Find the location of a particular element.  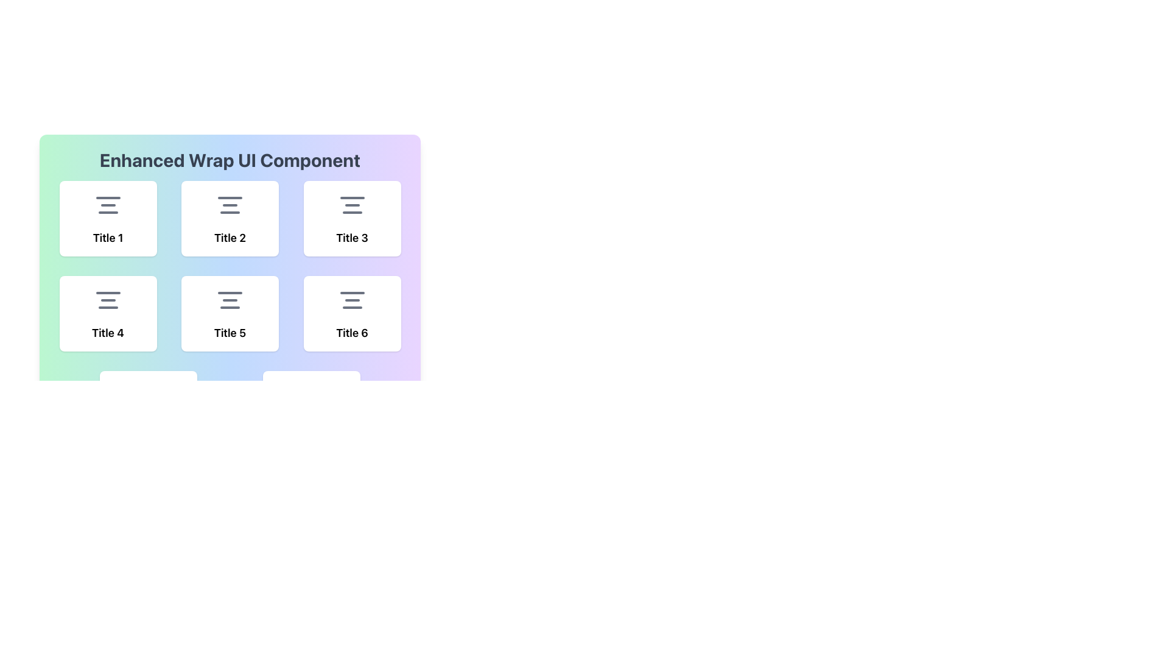

the centered text label within the top-left grid item, which identifies the purpose of the corresponding item adjacent to 'Title 2' and above 'Title 4' is located at coordinates (108, 238).